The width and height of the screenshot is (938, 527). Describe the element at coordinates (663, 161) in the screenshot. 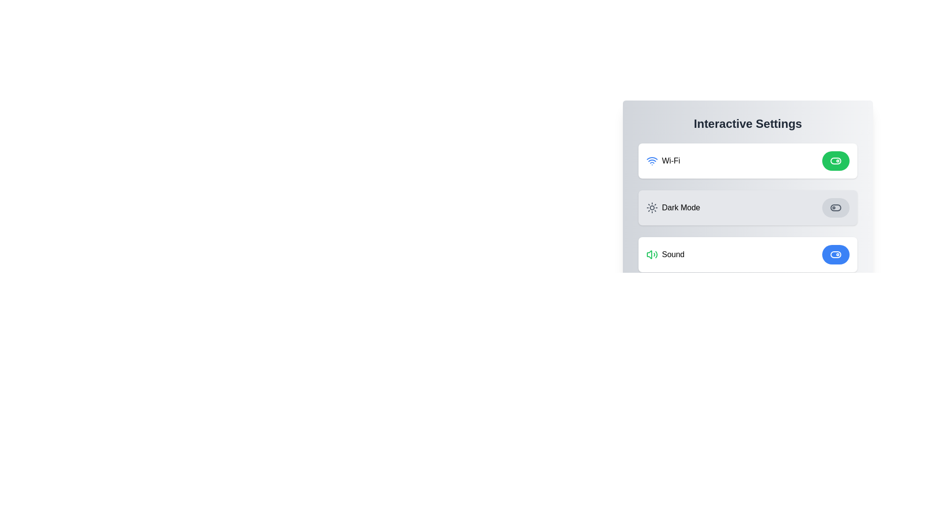

I see `the Wi-Fi icon in the interactive settings menu, which is the first item in the vertically stacked list of settings options` at that location.